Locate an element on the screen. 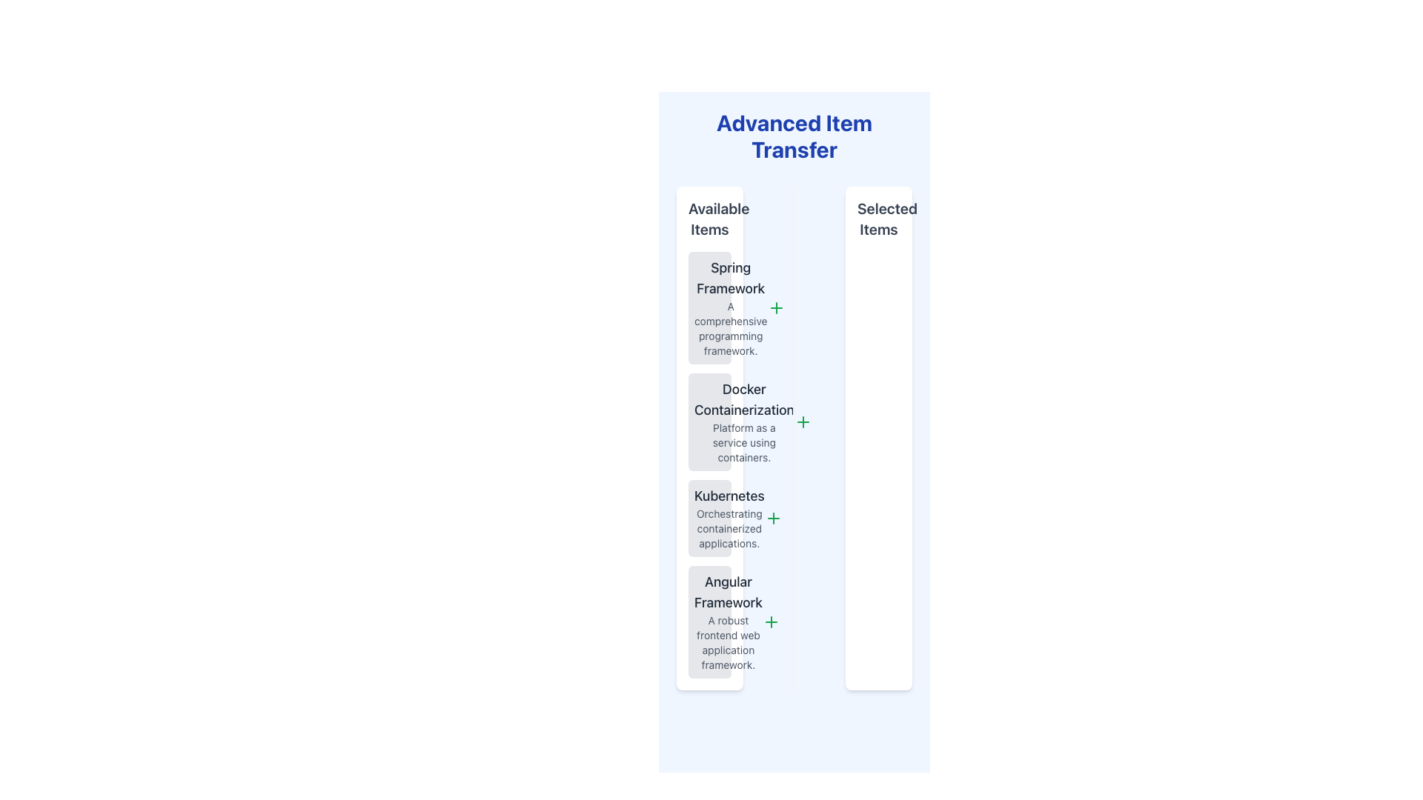 This screenshot has width=1423, height=800. the third plus icon button in the 'Available Items' column to change its appearance, which allows users to add the 'Kubernetes' item to the 'Selected Items' list is located at coordinates (772, 517).